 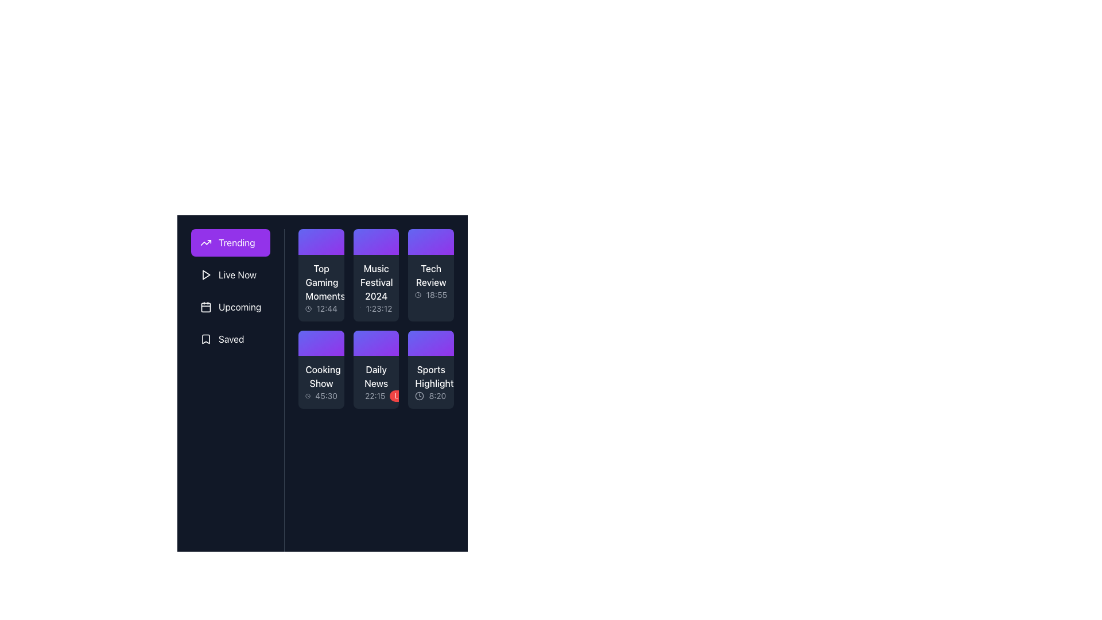 I want to click on the text label displaying '22:15', which is styled with a gray font color and is located in the second row, second column of the grid layout under 'Daily News', so click(x=375, y=396).